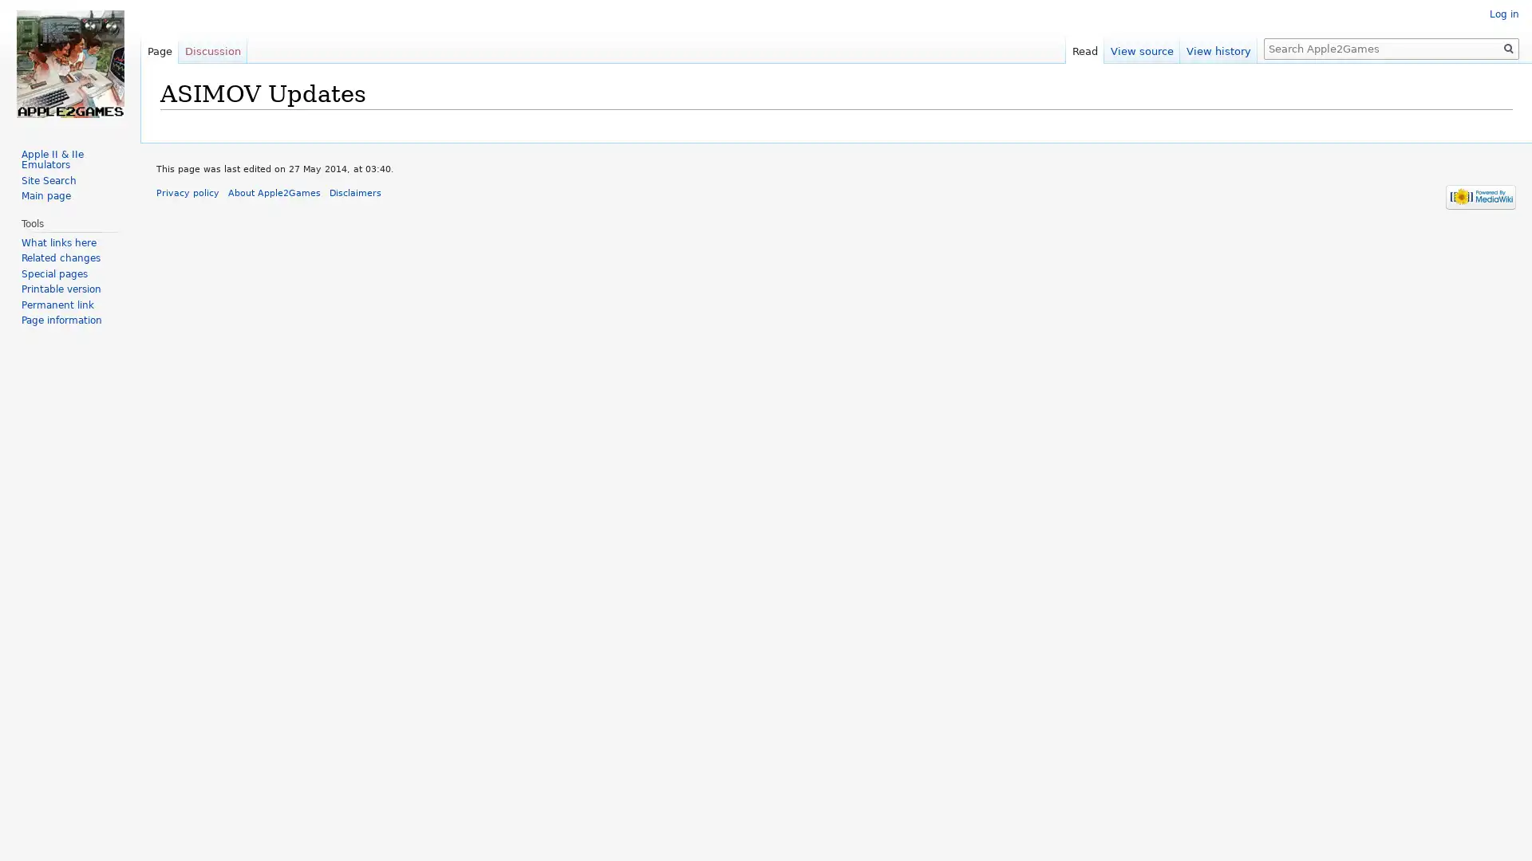 The image size is (1532, 861). I want to click on Go, so click(1508, 48).